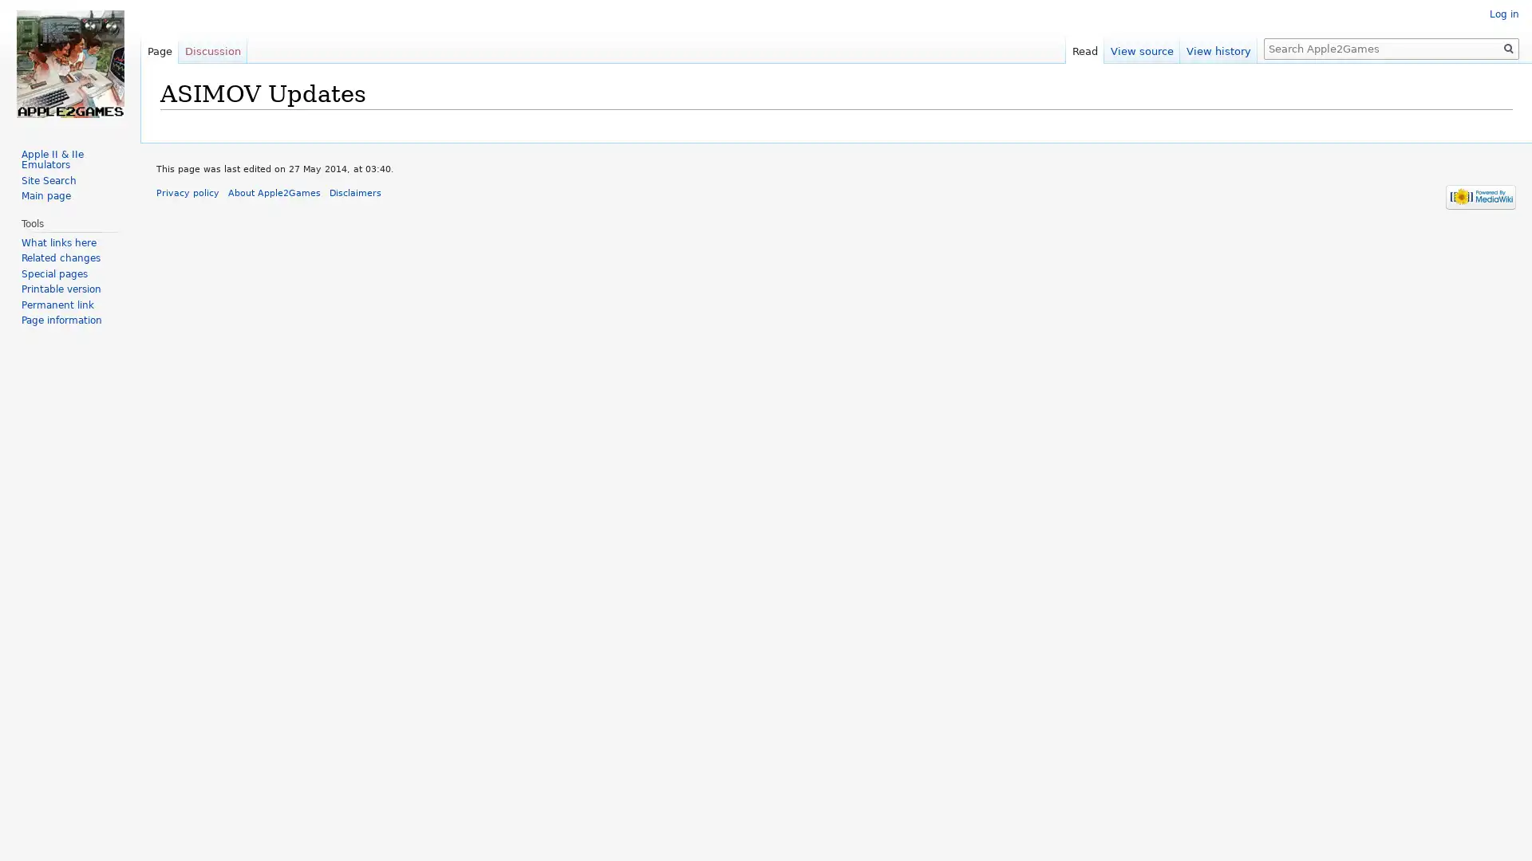 The image size is (1532, 861). I want to click on Go, so click(1508, 48).